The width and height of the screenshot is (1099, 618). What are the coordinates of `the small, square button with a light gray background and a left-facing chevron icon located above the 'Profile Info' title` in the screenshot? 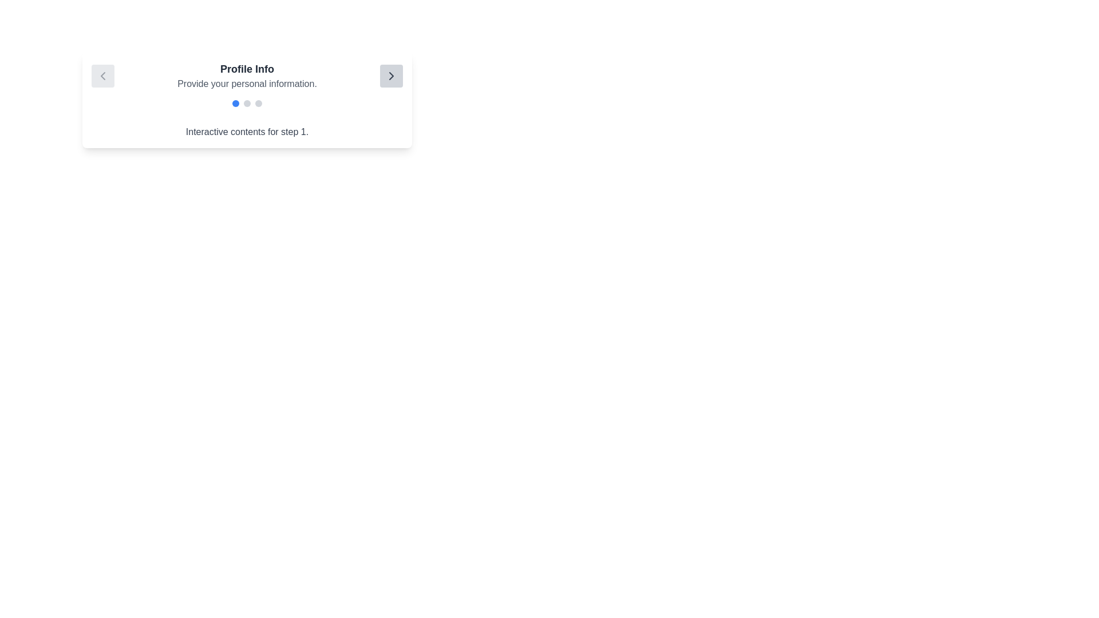 It's located at (103, 76).